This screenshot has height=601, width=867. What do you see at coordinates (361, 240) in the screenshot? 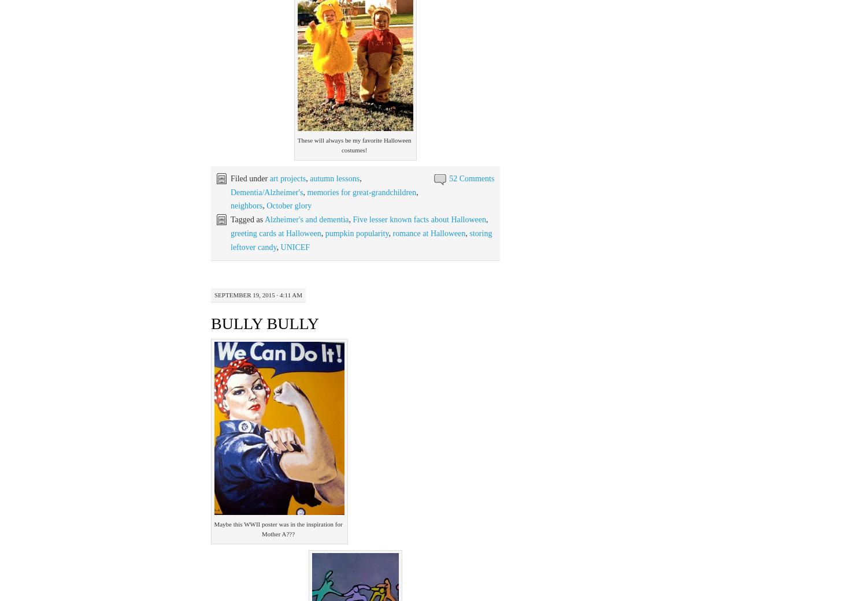
I see `'storing leftover candy'` at bounding box center [361, 240].